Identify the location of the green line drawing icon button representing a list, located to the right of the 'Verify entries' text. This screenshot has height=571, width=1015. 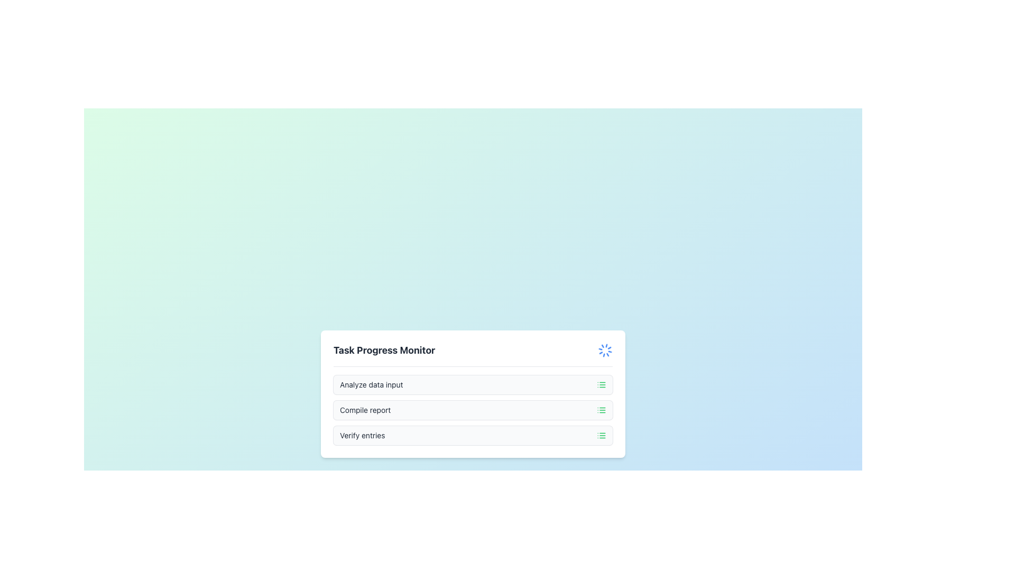
(601, 435).